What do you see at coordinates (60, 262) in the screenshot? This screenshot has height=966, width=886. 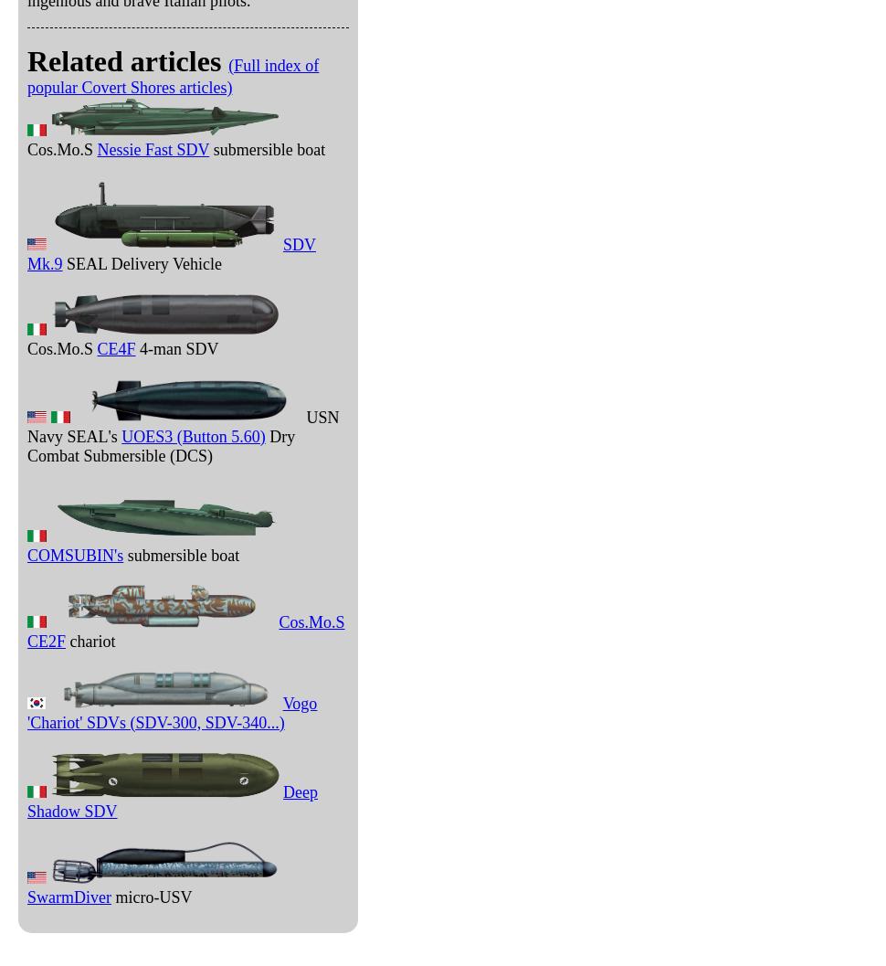 I see `'SEAL Delivery Vehicle'` at bounding box center [60, 262].